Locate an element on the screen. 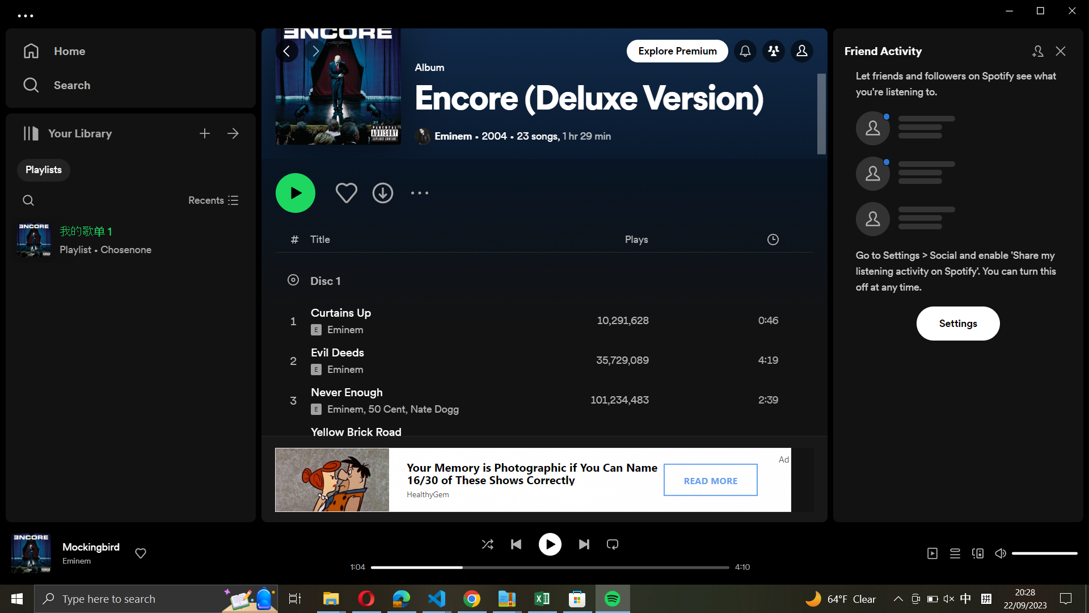 Image resolution: width=1089 pixels, height=613 pixels. Start playing the playlist is located at coordinates (296, 192).